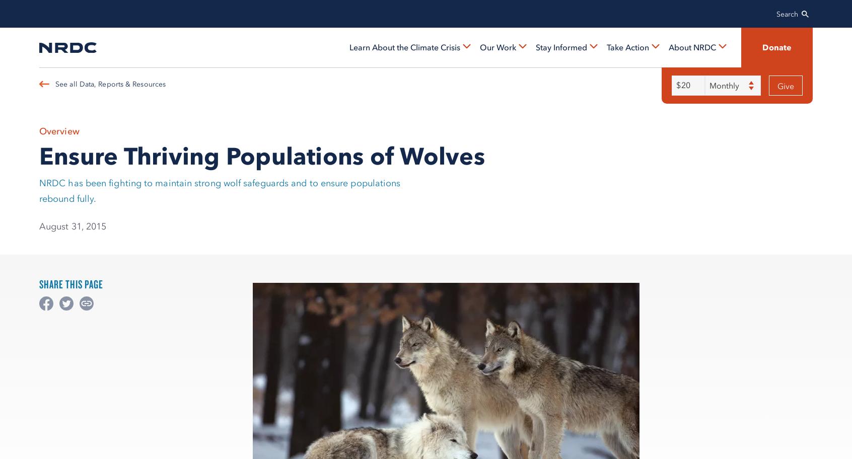  What do you see at coordinates (787, 14) in the screenshot?
I see `'Search'` at bounding box center [787, 14].